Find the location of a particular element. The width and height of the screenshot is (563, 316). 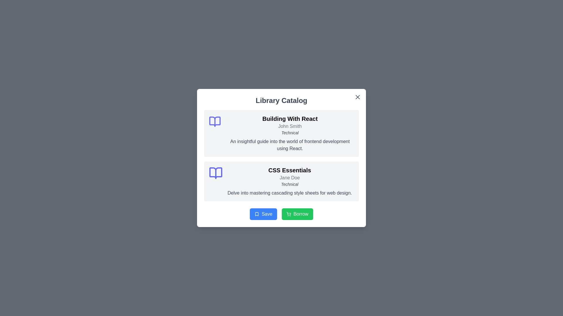

the second informational card in the library catalog located in the lower half of the modal beneath the 'Building With React' section is located at coordinates (290, 181).